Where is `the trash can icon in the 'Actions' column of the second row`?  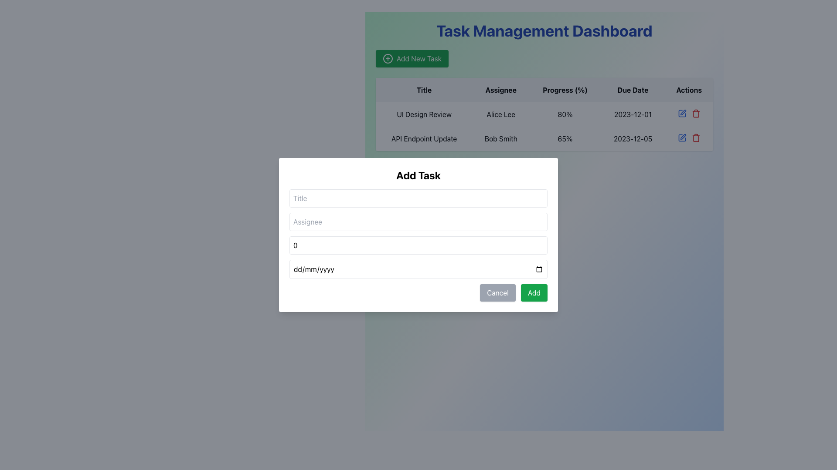
the trash can icon in the 'Actions' column of the second row is located at coordinates (695, 114).